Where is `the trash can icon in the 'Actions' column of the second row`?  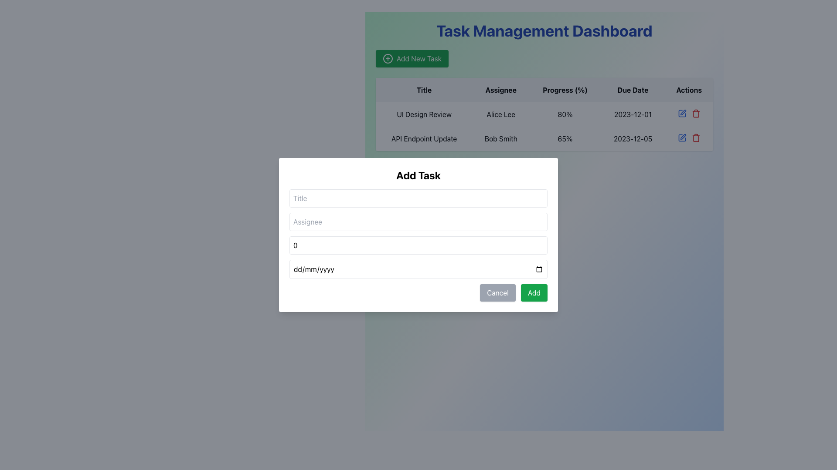
the trash can icon in the 'Actions' column of the second row is located at coordinates (695, 114).